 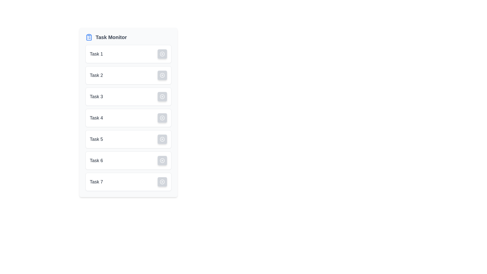 What do you see at coordinates (162, 182) in the screenshot?
I see `the cancel button located at the far-right end of the 'Task 7' row` at bounding box center [162, 182].